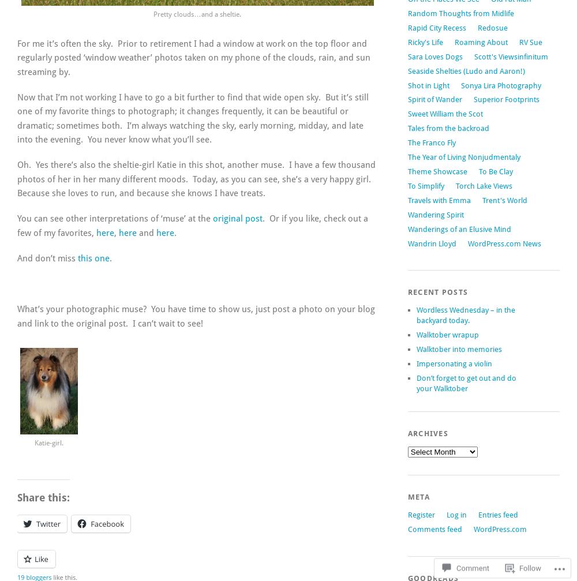 The height and width of the screenshot is (581, 577). I want to click on 'Don’t forget to get out and do your Walktober', so click(466, 382).